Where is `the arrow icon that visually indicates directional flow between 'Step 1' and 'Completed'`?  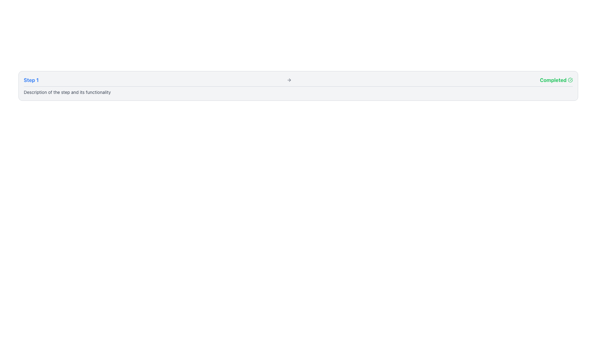 the arrow icon that visually indicates directional flow between 'Step 1' and 'Completed' is located at coordinates (289, 79).